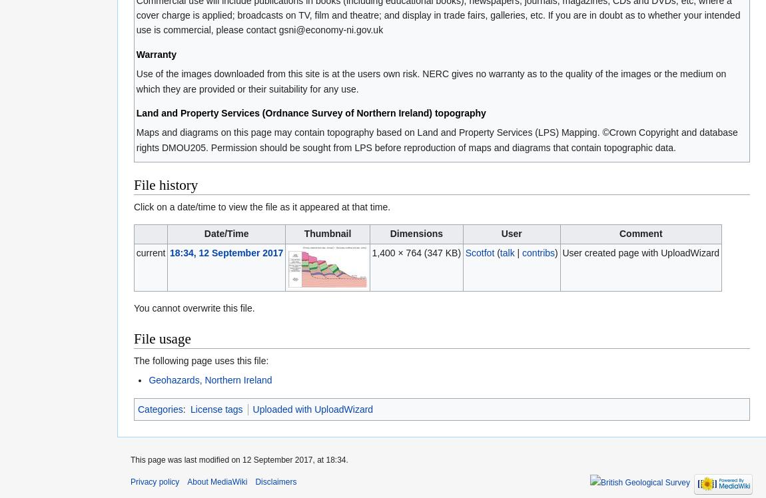  I want to click on 'Land and Property Services (Ordnance Survey of Northern Ireland) topography', so click(310, 111).